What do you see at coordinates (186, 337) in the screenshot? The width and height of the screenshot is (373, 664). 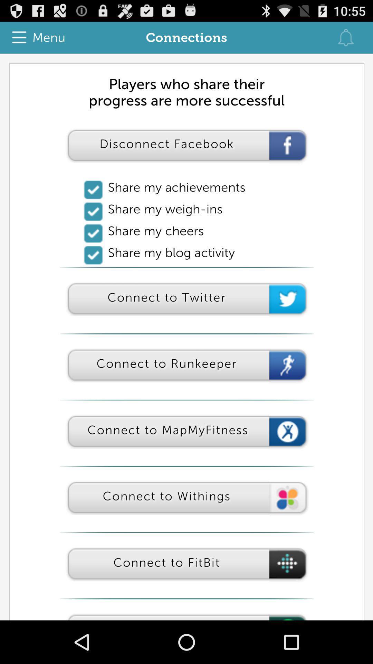 I see `connection page` at bounding box center [186, 337].